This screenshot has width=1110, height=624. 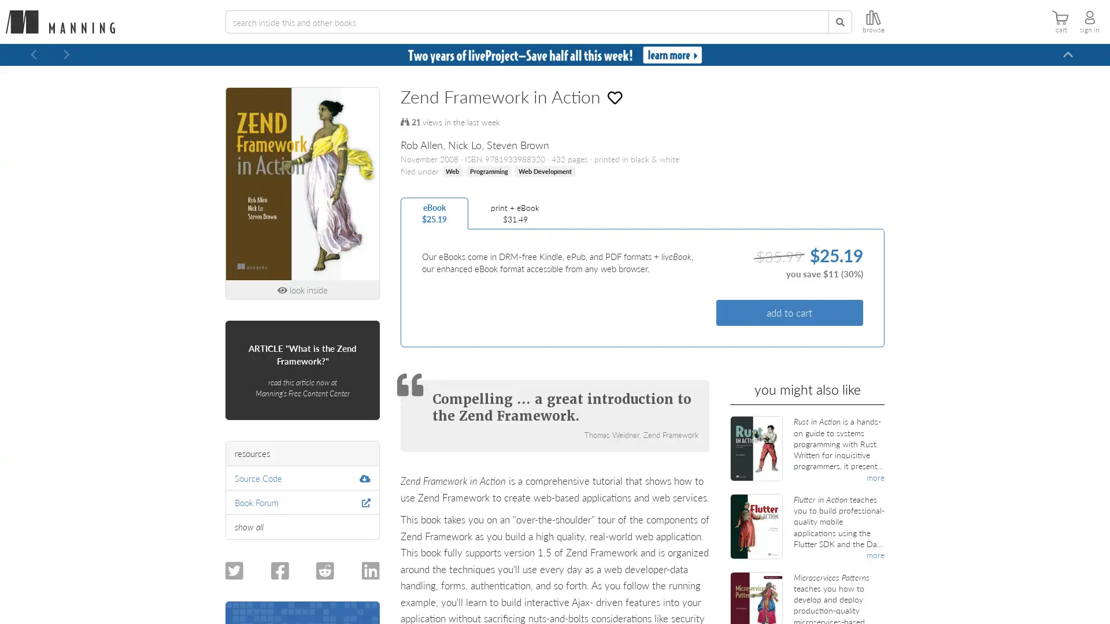 I want to click on add to cart, so click(x=789, y=313).